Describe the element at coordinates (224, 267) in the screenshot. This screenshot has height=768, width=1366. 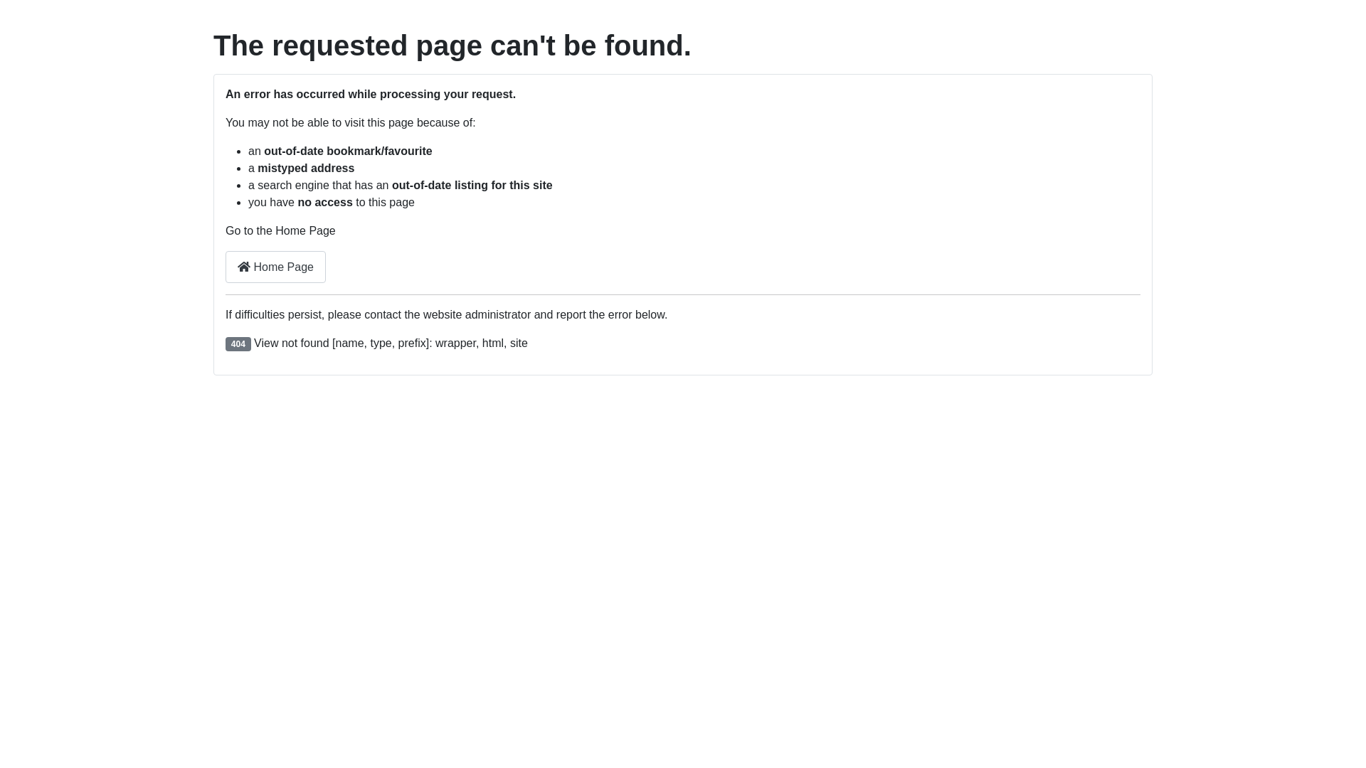
I see `'Home Page'` at that location.